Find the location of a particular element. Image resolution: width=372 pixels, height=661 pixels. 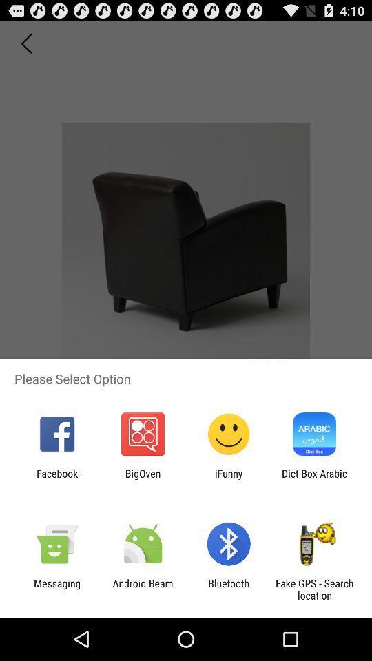

messaging icon is located at coordinates (56, 589).